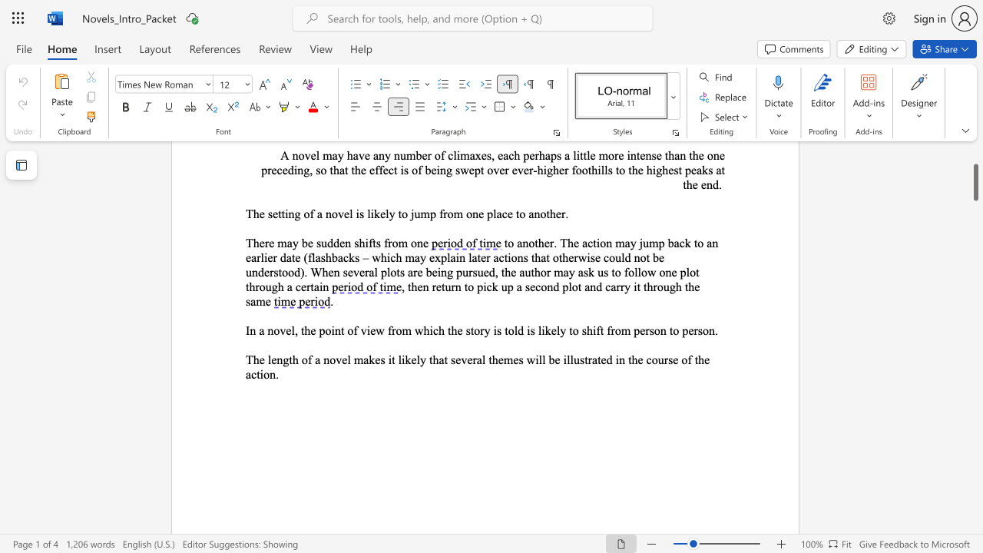 The width and height of the screenshot is (983, 553). I want to click on the scrollbar and move up 150 pixels, so click(975, 181).